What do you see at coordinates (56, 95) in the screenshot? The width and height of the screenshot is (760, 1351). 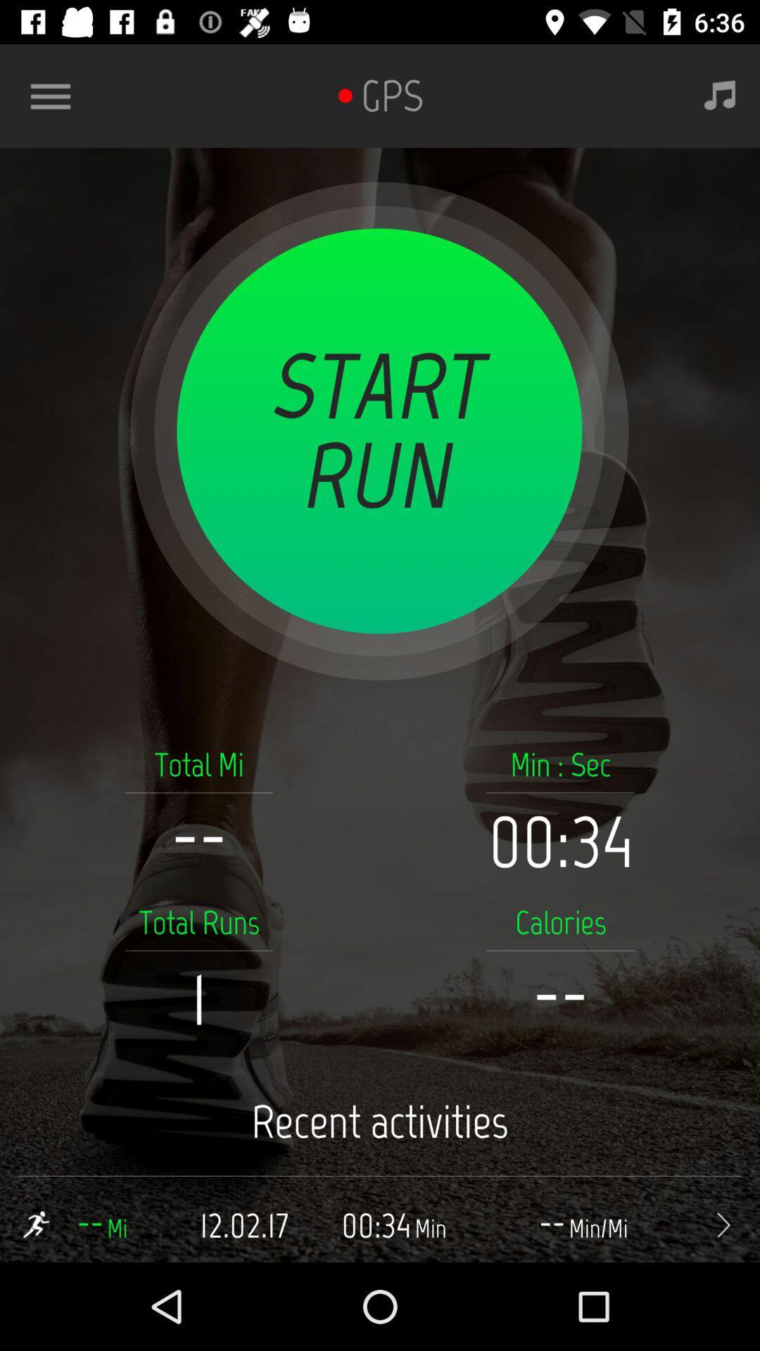 I see `open more options window` at bounding box center [56, 95].